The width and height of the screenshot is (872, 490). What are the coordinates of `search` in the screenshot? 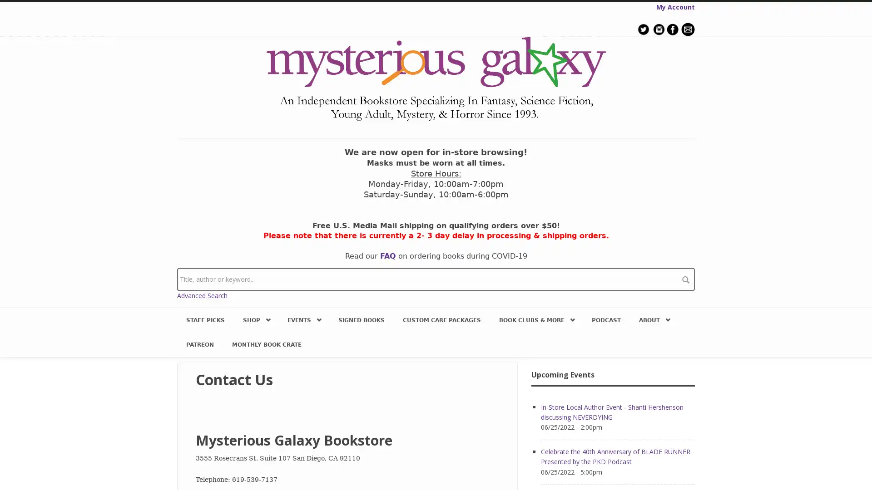 It's located at (686, 279).